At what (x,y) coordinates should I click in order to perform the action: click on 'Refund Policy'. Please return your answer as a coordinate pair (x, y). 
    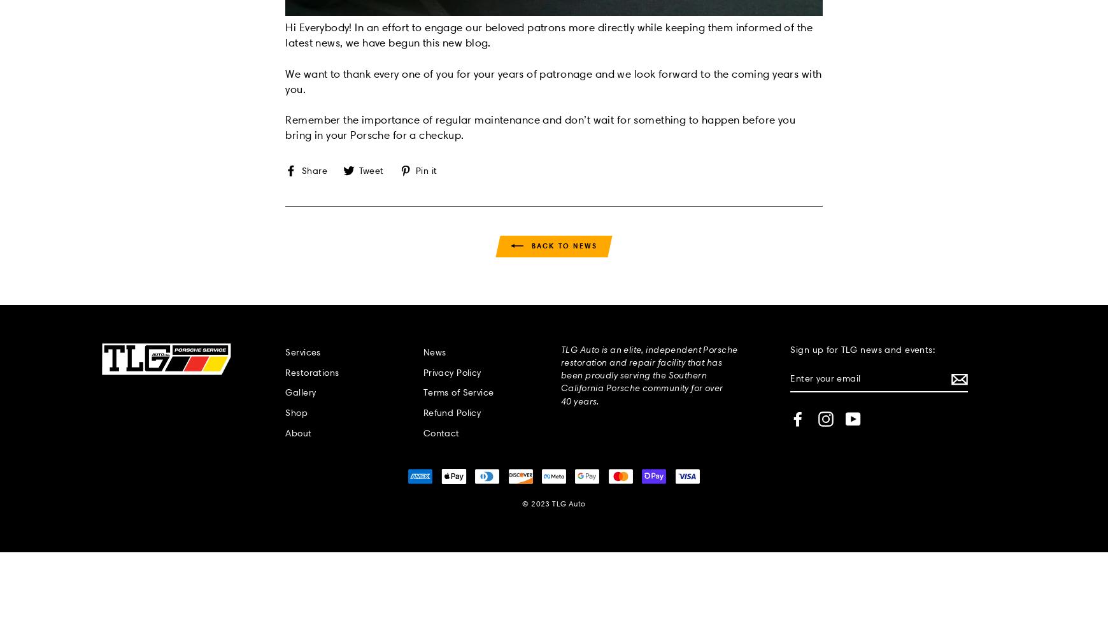
    Looking at the image, I should click on (451, 413).